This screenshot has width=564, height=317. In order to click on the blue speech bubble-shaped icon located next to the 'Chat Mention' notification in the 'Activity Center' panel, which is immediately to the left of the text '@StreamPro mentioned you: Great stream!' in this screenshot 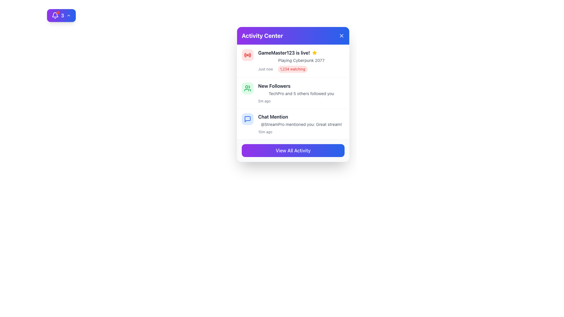, I will do `click(248, 119)`.